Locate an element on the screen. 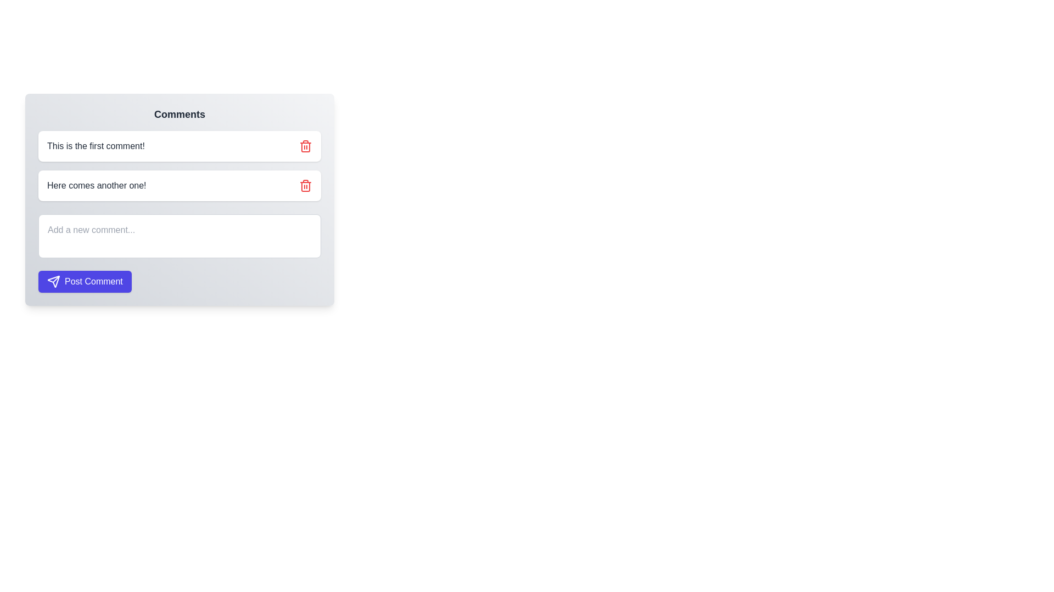 The width and height of the screenshot is (1054, 592). the 'send' icon within the 'Post Comment' button located in the bottom-left corner of the comments section to initiate the action is located at coordinates (53, 281).